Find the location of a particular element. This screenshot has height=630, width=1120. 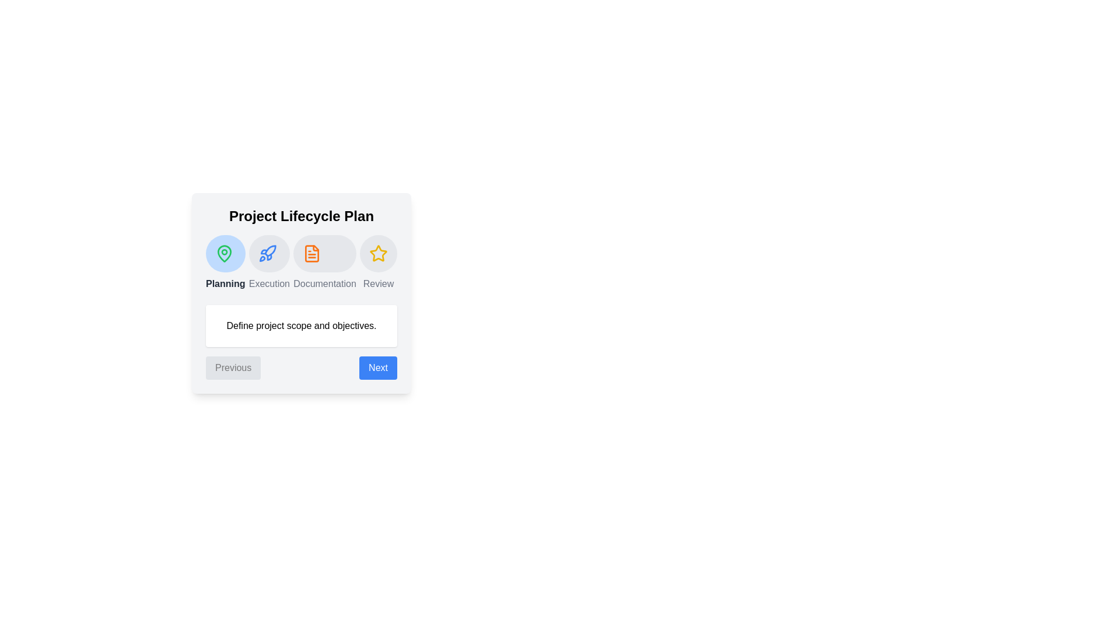

the description area to focus on it is located at coordinates (302, 326).